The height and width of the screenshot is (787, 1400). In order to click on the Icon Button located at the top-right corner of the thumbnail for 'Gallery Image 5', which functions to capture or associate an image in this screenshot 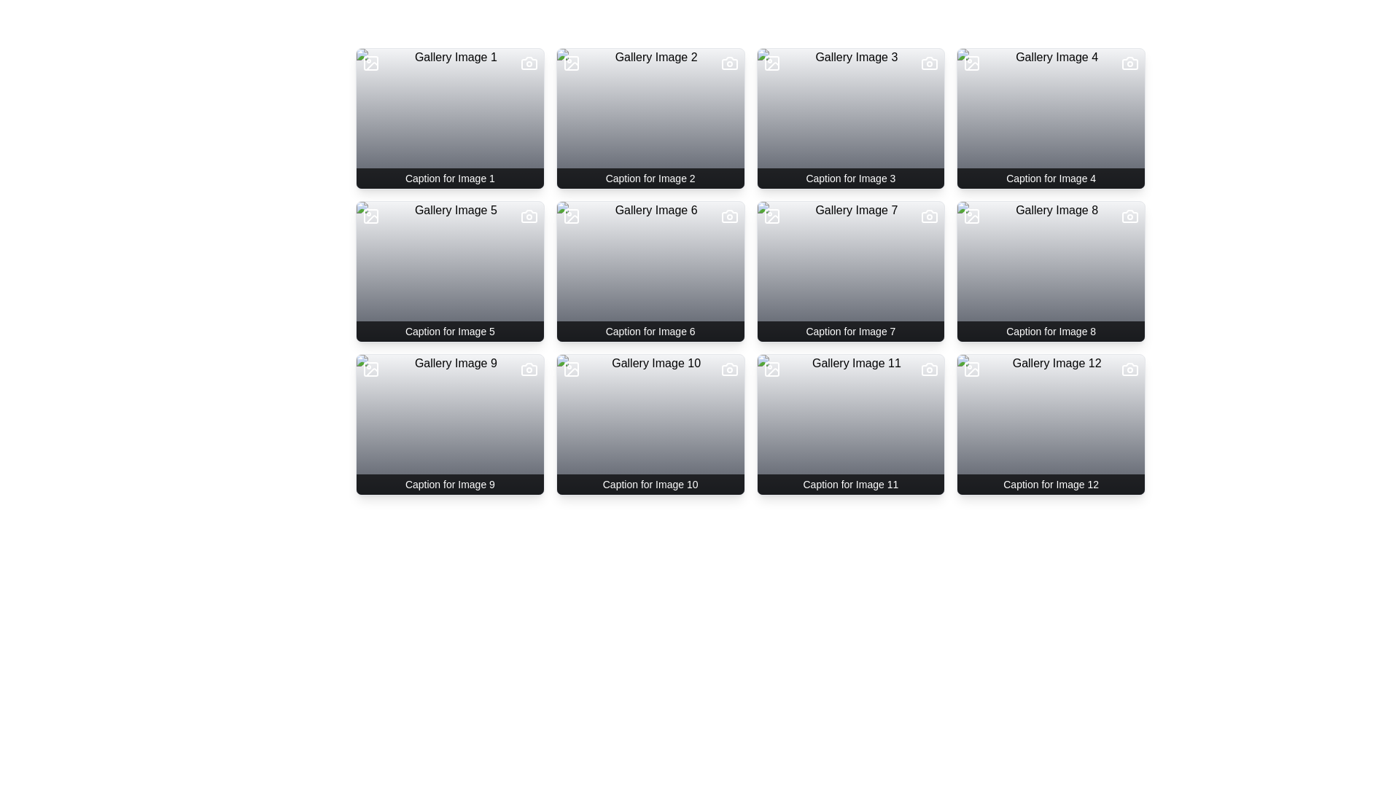, I will do `click(528, 216)`.